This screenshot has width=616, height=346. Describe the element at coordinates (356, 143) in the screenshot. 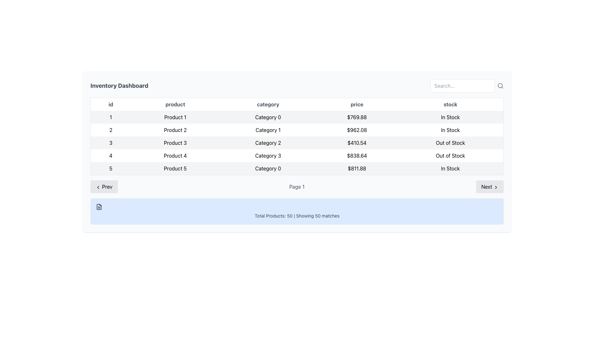

I see `the text display showing the value '$410.54' in the fourth column of the third row, which is under the 'price' header and corresponds to 'Product 3'` at that location.